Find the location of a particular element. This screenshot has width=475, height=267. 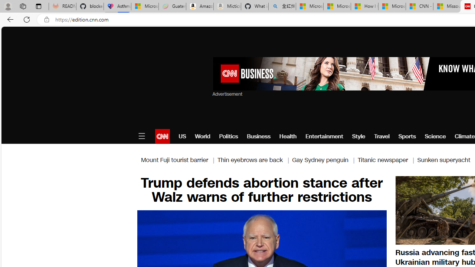

'Open Menu Icon' is located at coordinates (141, 136).